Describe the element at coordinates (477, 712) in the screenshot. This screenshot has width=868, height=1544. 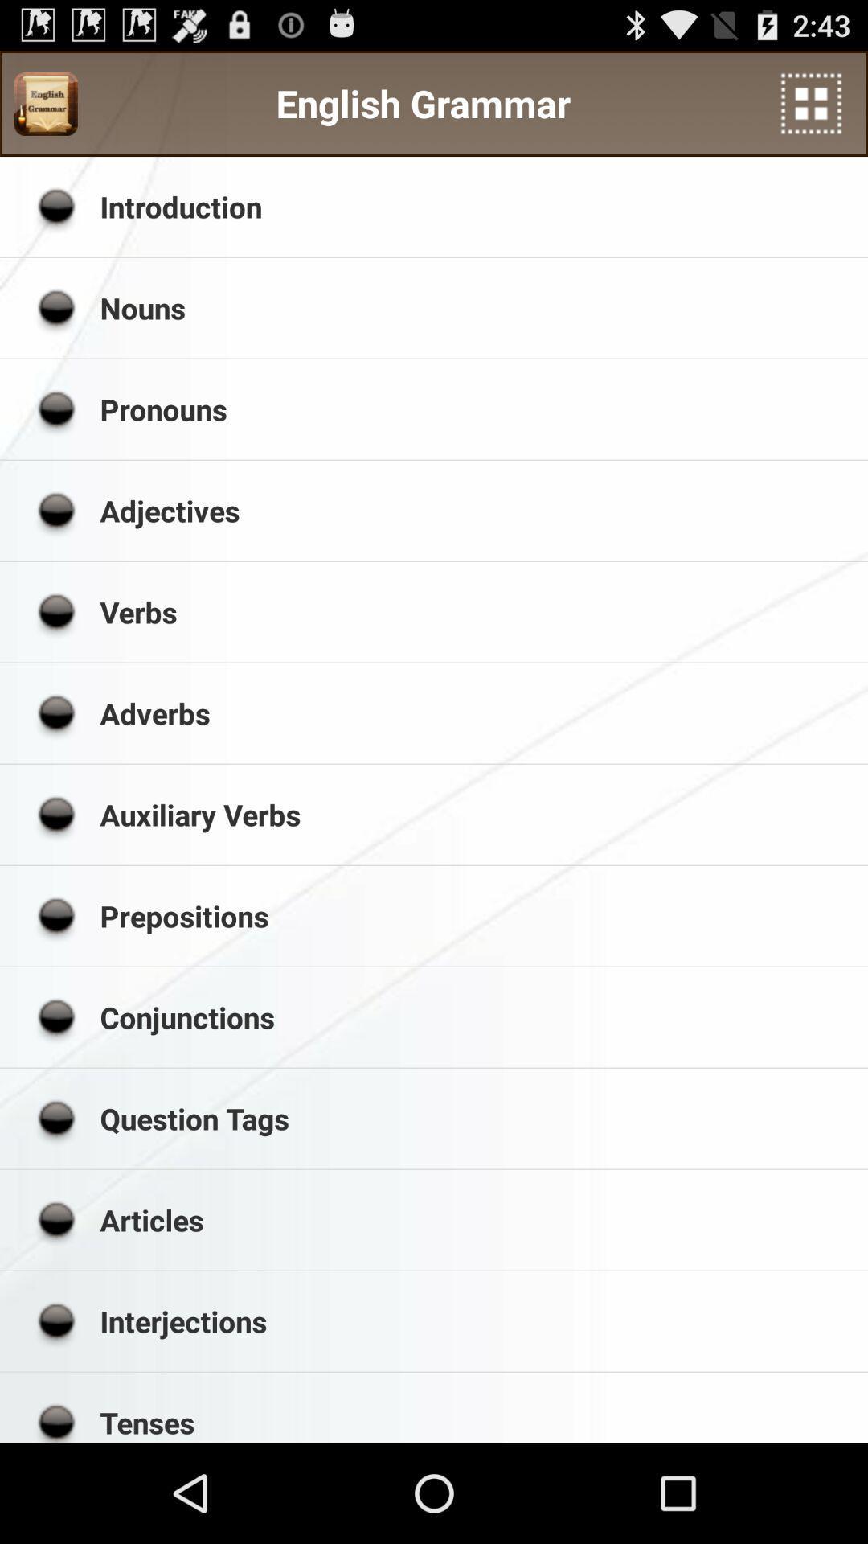
I see `the item above the auxiliary verbs icon` at that location.